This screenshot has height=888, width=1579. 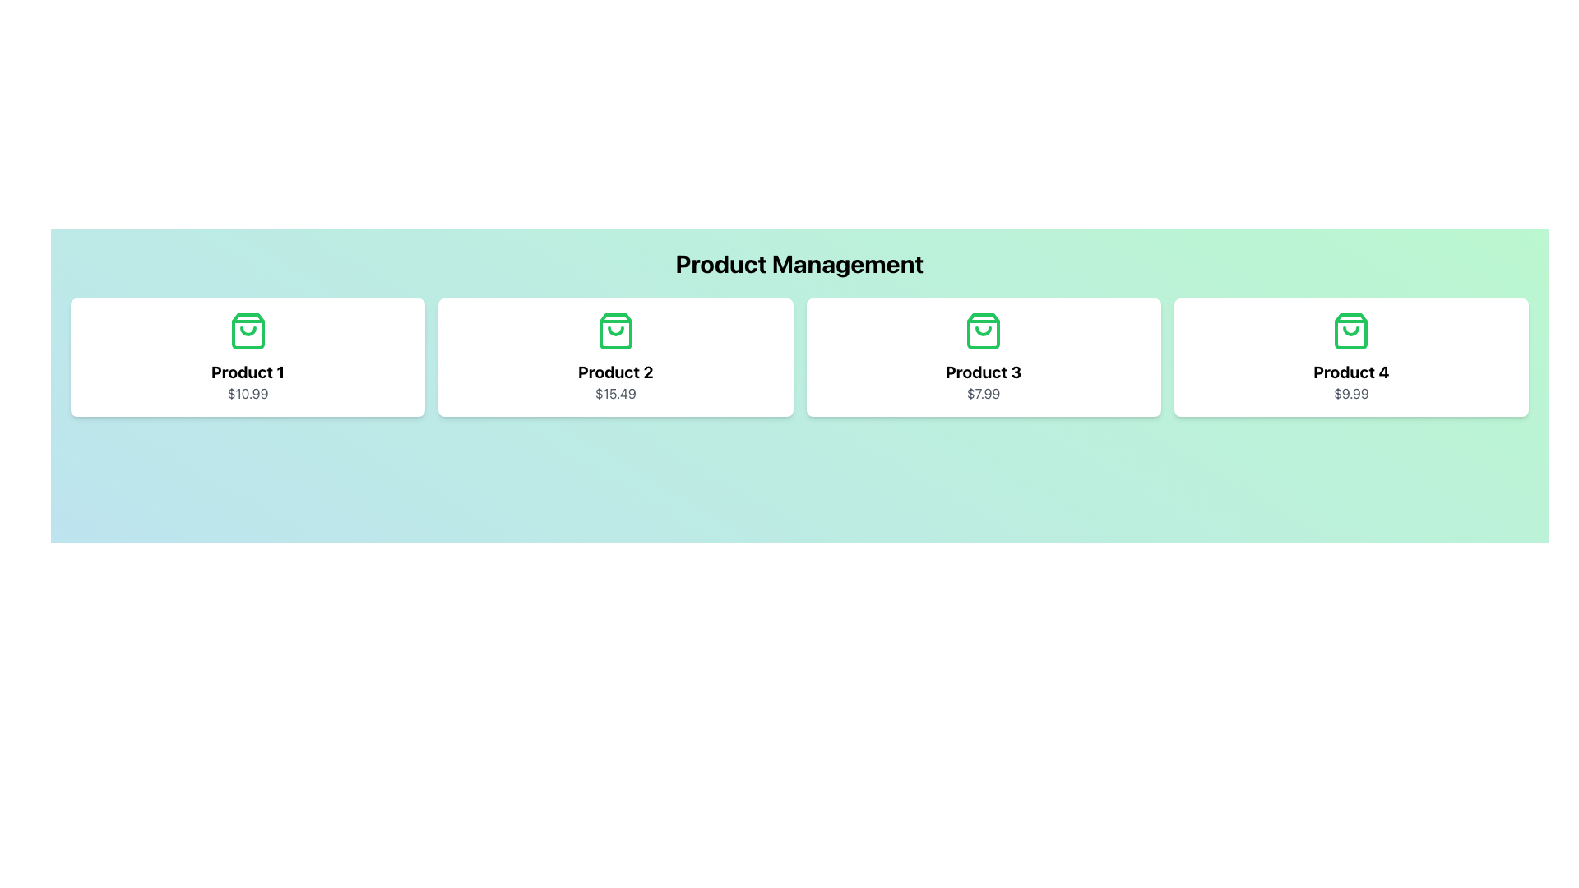 I want to click on the green shopping bag icon in the fourth card labeled 'Product 4' under the 'Product Management' header, so click(x=1351, y=331).